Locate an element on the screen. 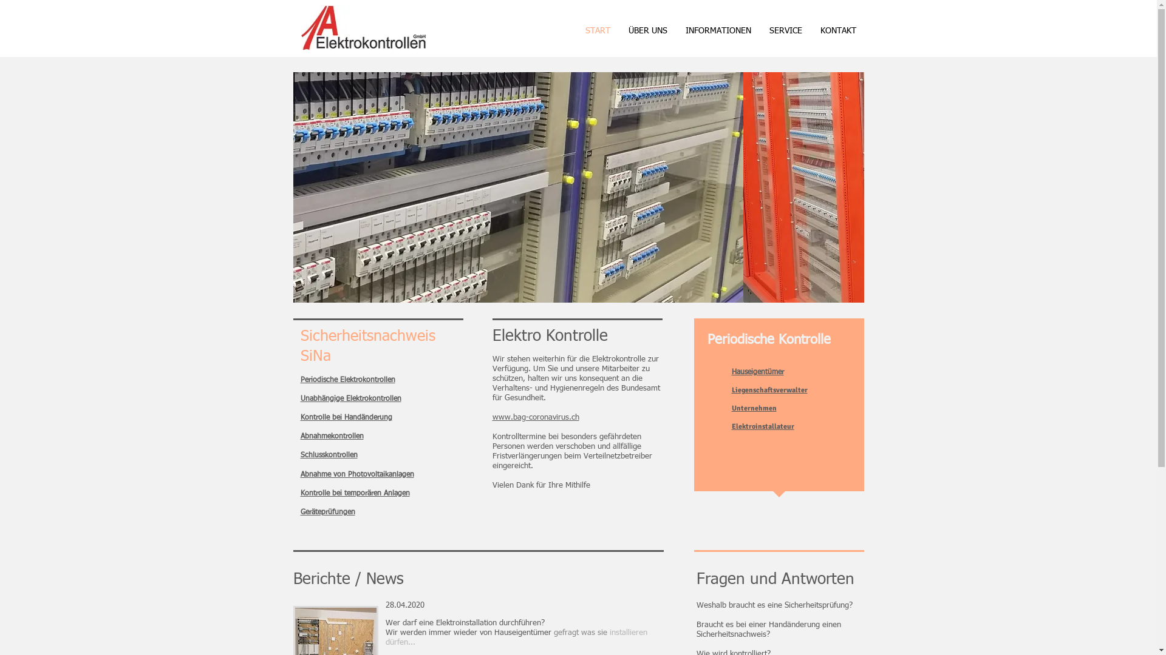 This screenshot has width=1166, height=655. 'Unternehmen' is located at coordinates (753, 408).